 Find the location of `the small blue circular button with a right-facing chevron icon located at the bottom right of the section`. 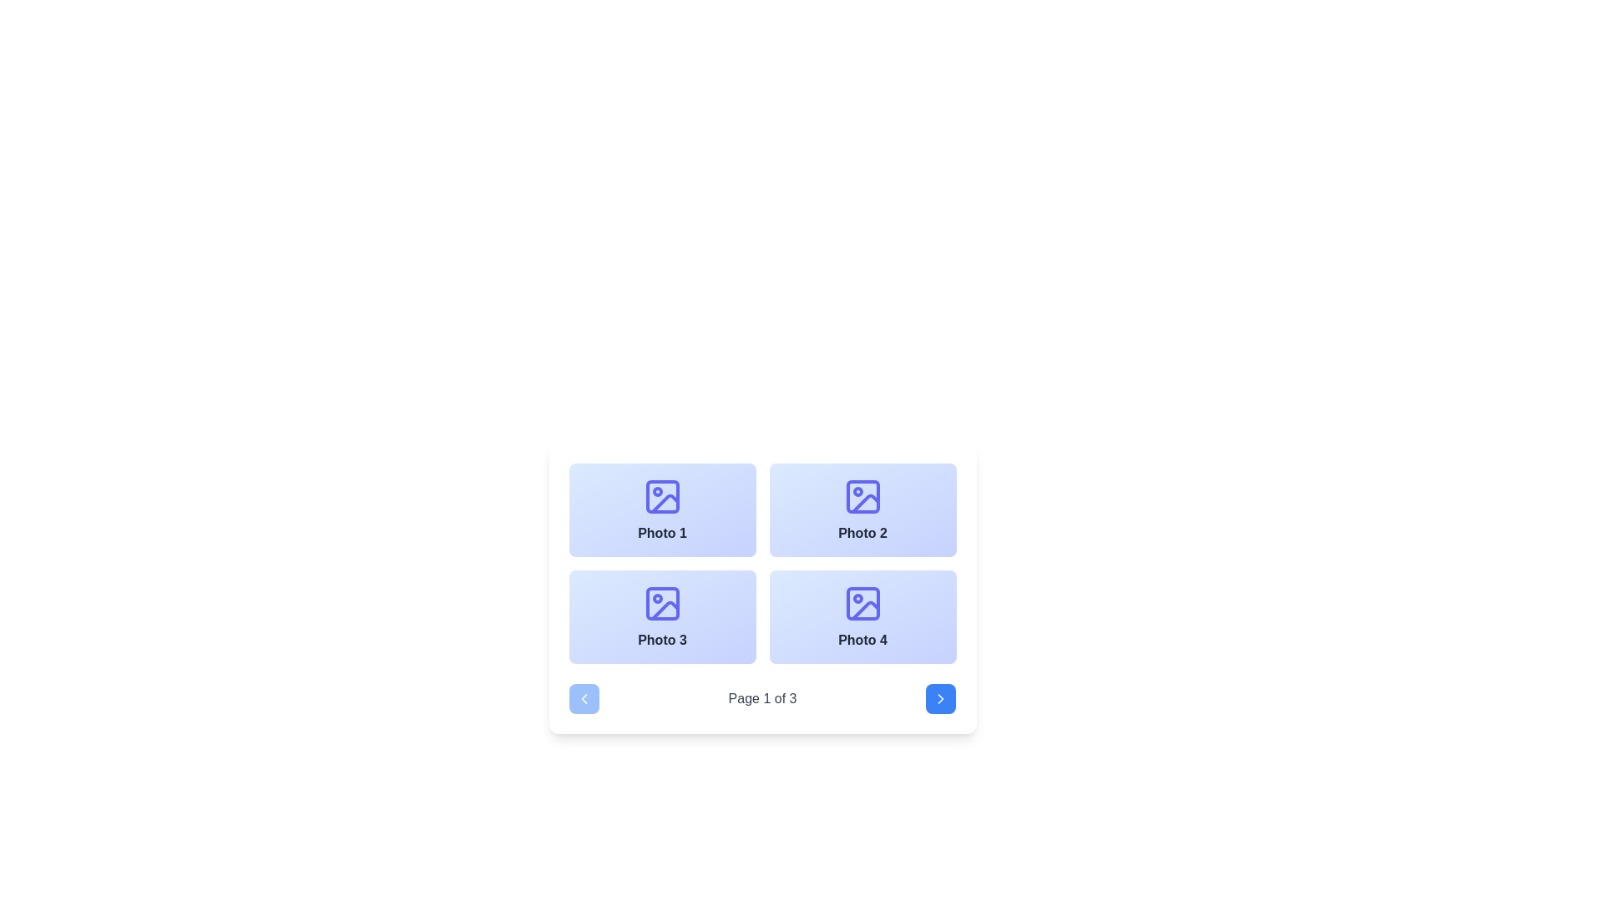

the small blue circular button with a right-facing chevron icon located at the bottom right of the section is located at coordinates (941, 699).